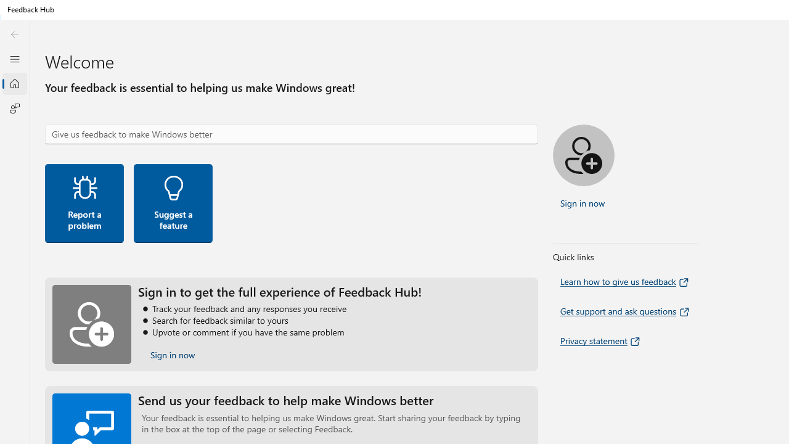 The height and width of the screenshot is (444, 789). What do you see at coordinates (625, 281) in the screenshot?
I see `'Learn how to give us feedback'` at bounding box center [625, 281].